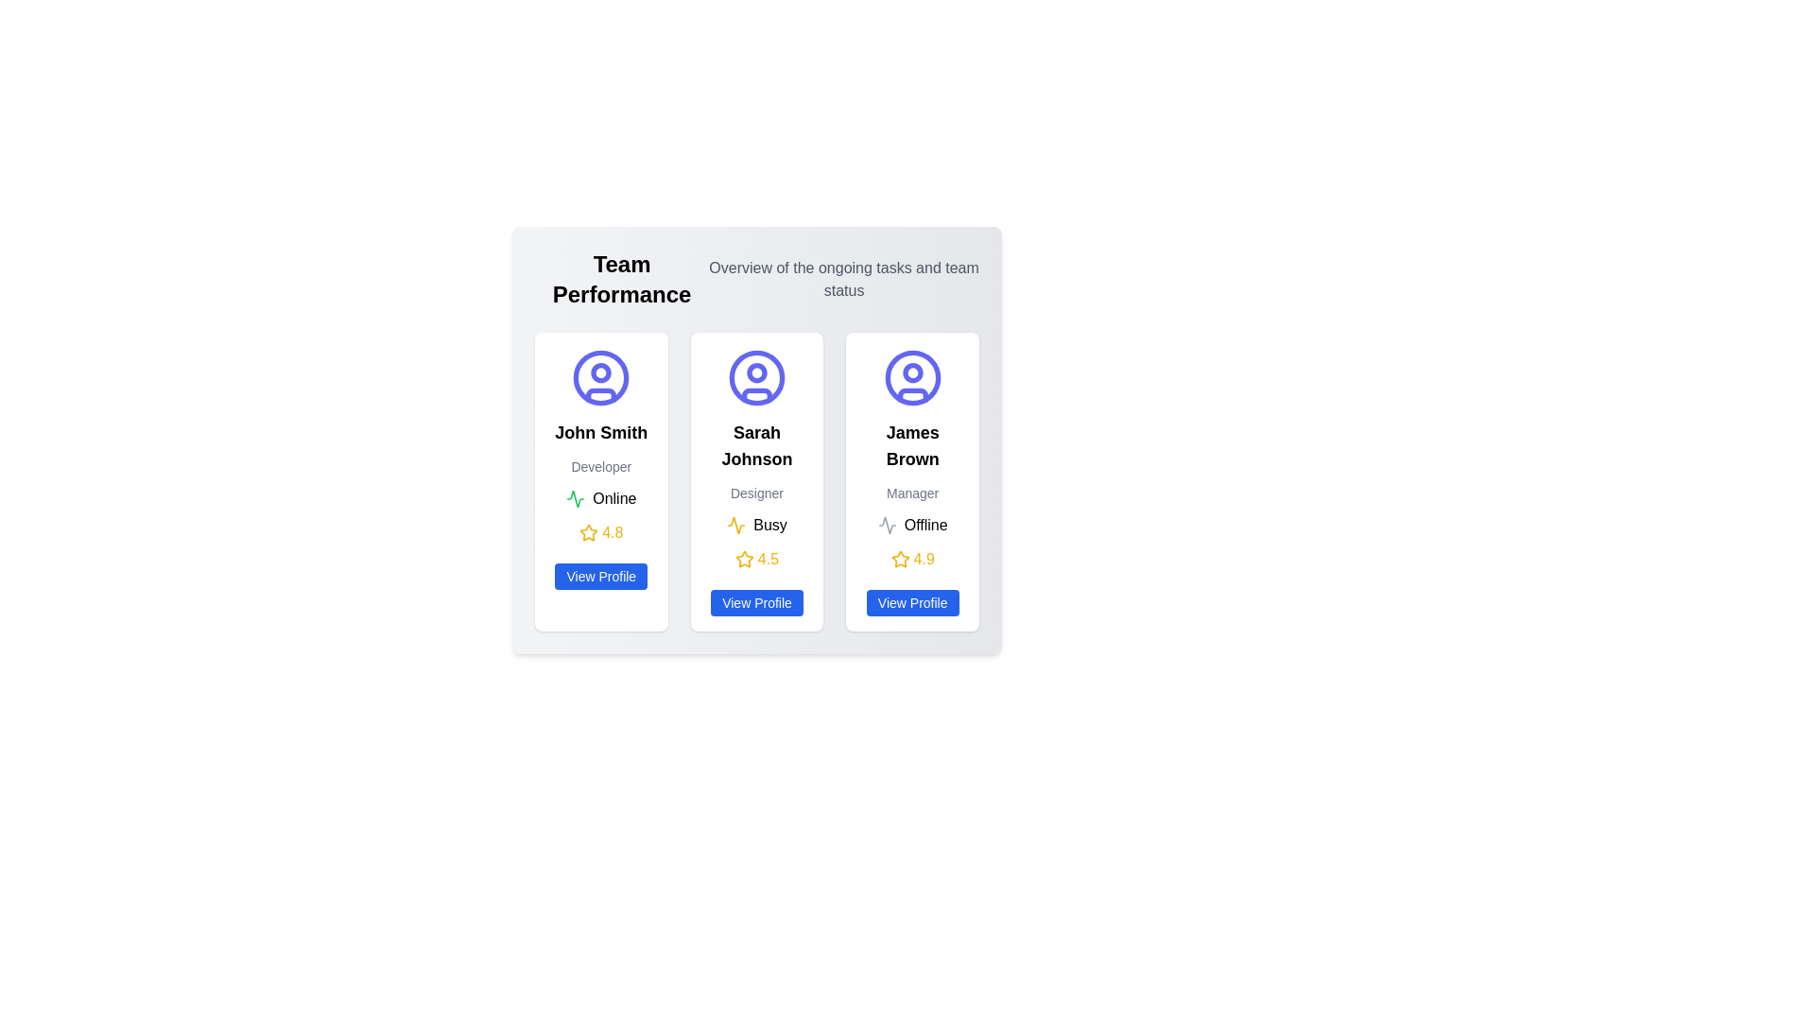 The height and width of the screenshot is (1021, 1815). Describe the element at coordinates (912, 378) in the screenshot. I see `the circular outline of the user profile icon located on the third card labeled 'James Brown Manager' in the profile card list` at that location.